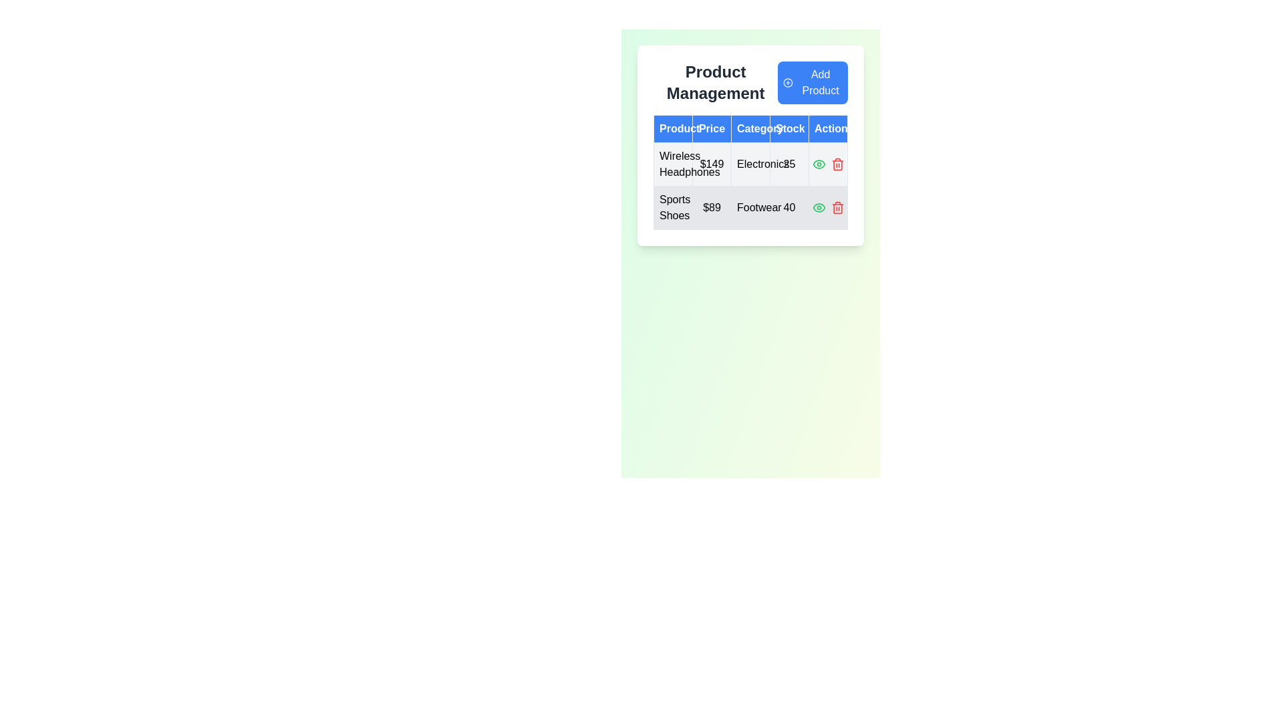  I want to click on the text component displaying the number '25' in the 'Stock' column of the 'Product Management' table for the product 'Wireless Headphones', so click(789, 164).